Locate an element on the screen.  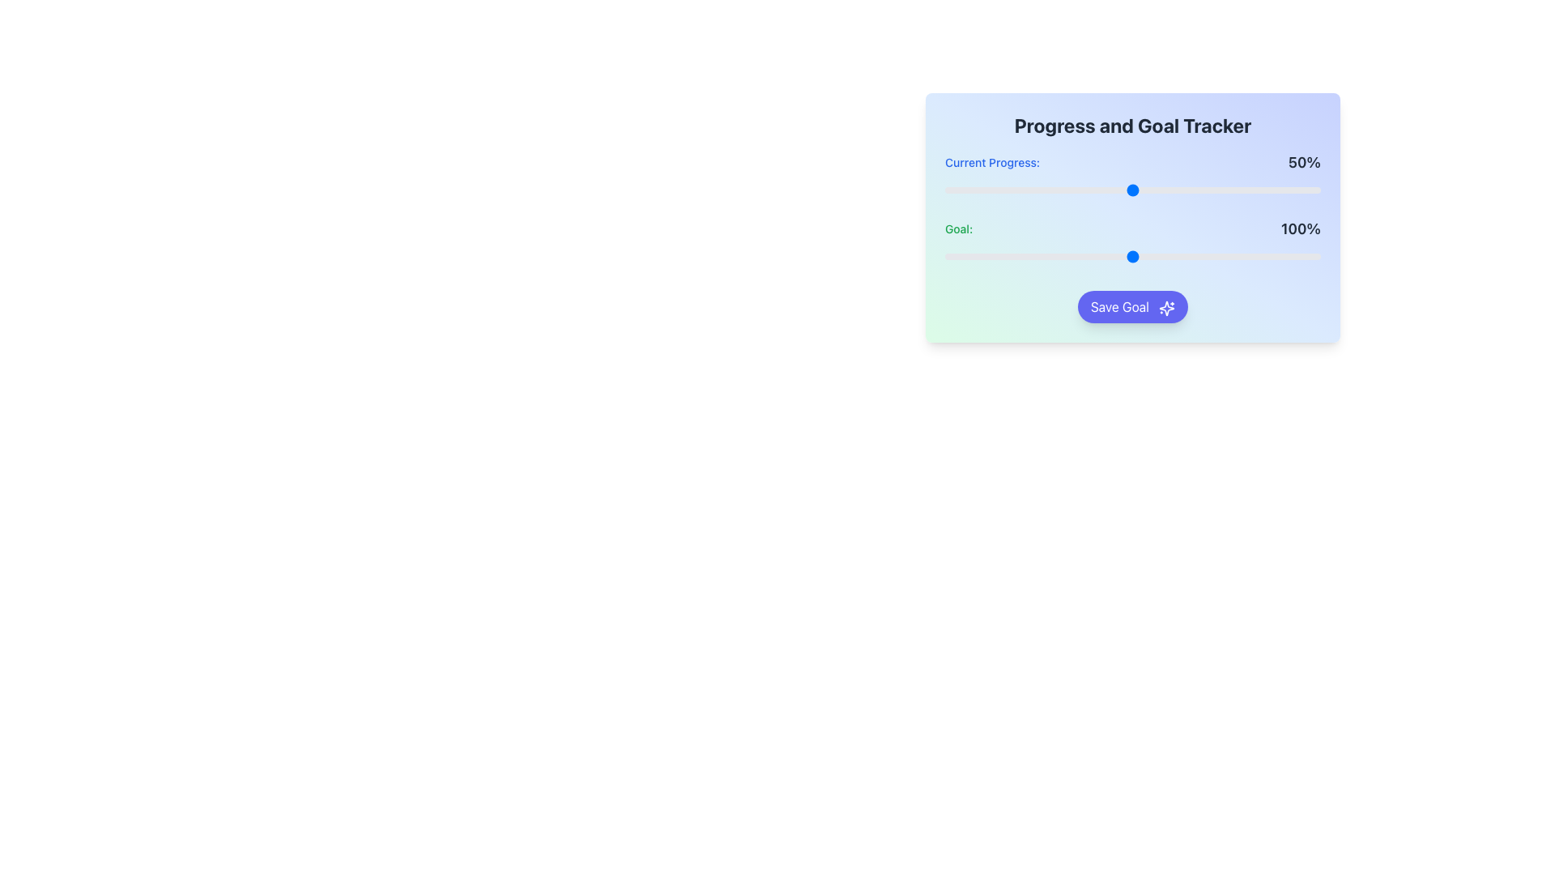
the slider is located at coordinates (1219, 190).